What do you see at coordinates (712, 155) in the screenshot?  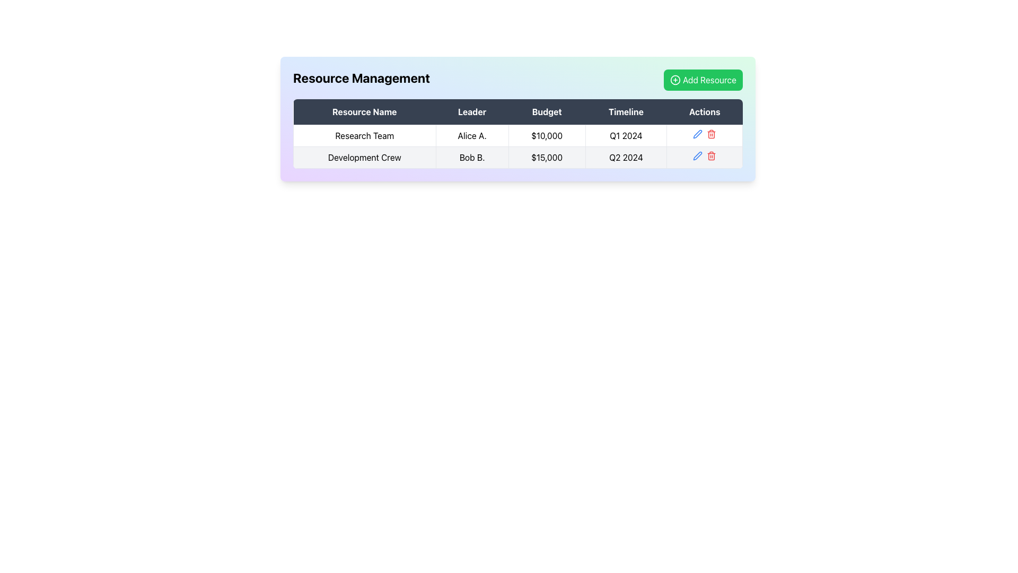 I see `the delete button for the Development Crew entry in the resource management table, located in the Actions column of the second row` at bounding box center [712, 155].